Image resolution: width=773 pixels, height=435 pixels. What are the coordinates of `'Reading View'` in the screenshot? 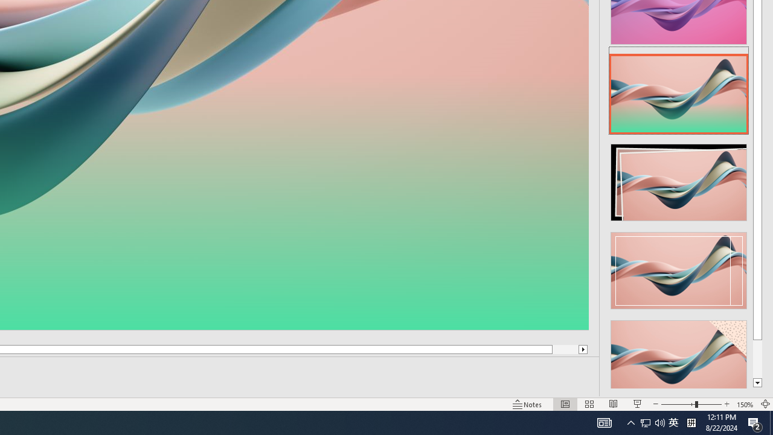 It's located at (613, 404).